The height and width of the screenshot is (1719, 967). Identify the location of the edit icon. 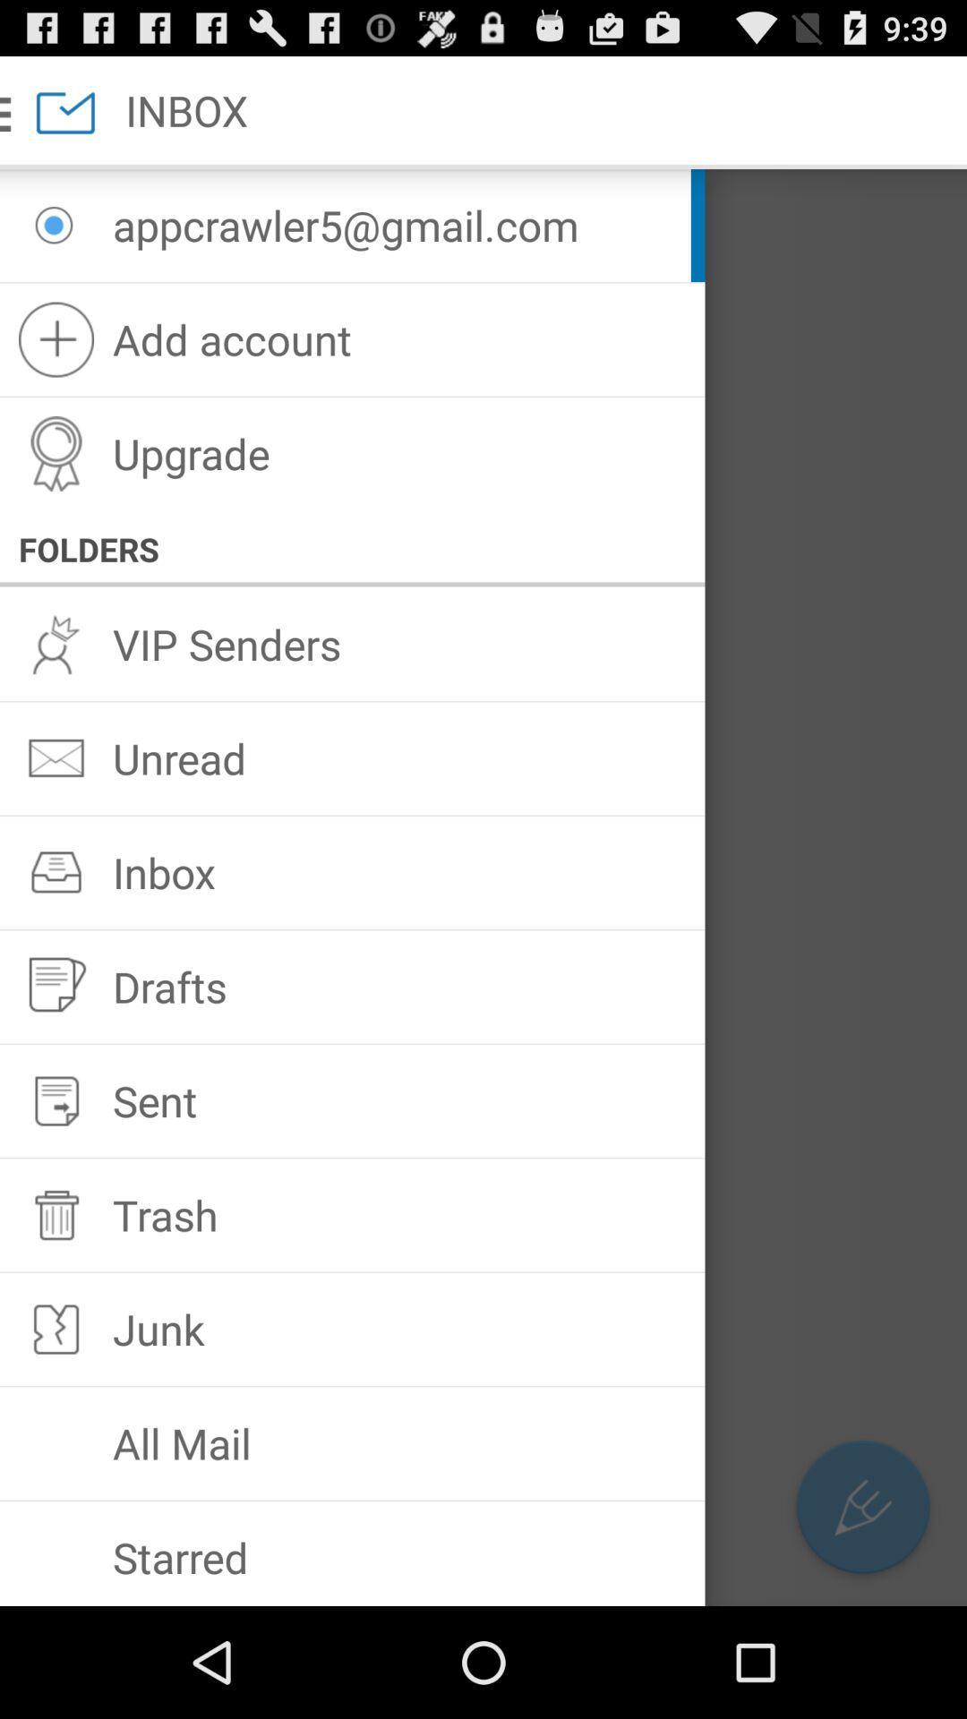
(862, 1618).